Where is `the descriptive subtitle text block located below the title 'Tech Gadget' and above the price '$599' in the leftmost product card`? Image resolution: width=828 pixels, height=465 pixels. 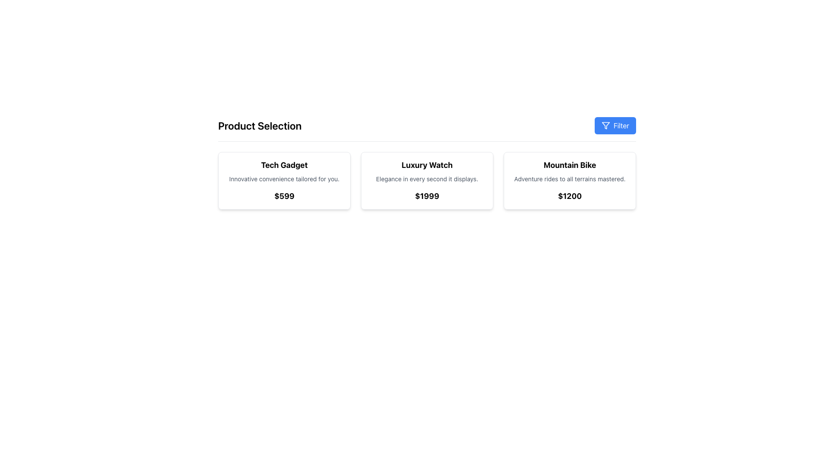
the descriptive subtitle text block located below the title 'Tech Gadget' and above the price '$599' in the leftmost product card is located at coordinates (284, 179).